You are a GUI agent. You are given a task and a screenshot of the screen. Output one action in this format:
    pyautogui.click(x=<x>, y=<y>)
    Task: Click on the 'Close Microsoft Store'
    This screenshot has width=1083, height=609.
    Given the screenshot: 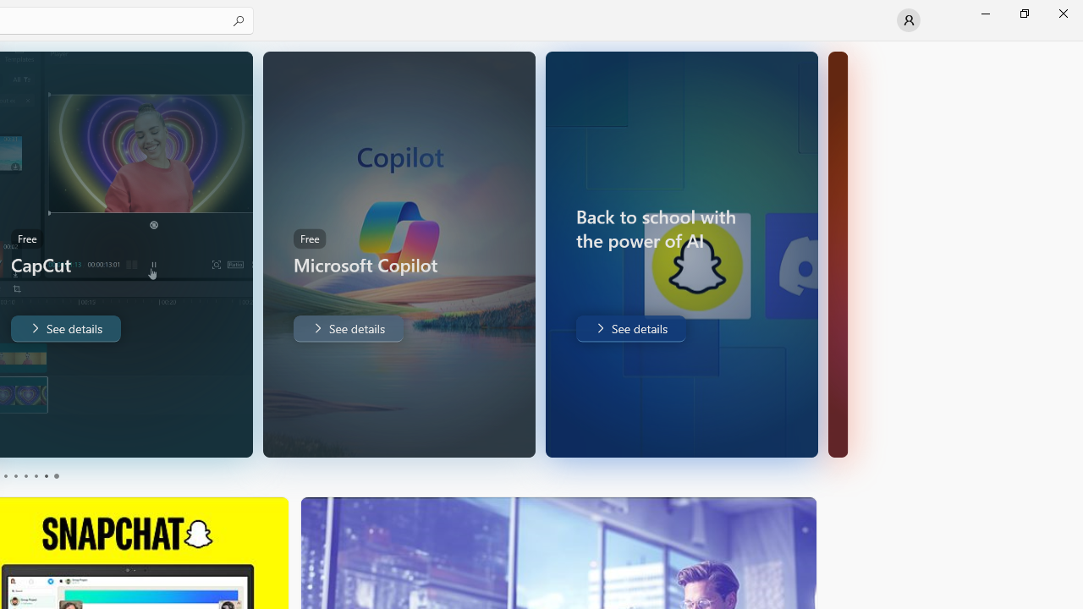 What is the action you would take?
    pyautogui.click(x=1062, y=13)
    